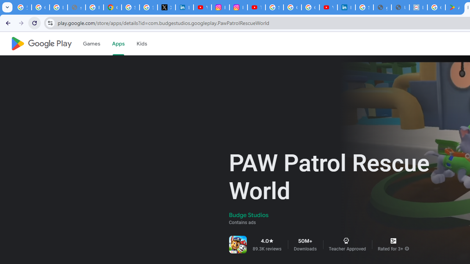  Describe the element at coordinates (454, 7) in the screenshot. I see `'Android Apps on Google Play'` at that location.